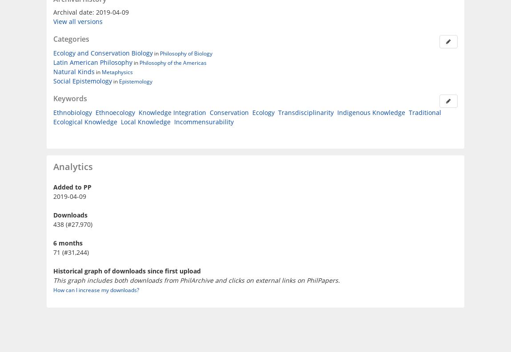 This screenshot has width=511, height=352. What do you see at coordinates (102, 52) in the screenshot?
I see `'Ecology and Conservation Biology'` at bounding box center [102, 52].